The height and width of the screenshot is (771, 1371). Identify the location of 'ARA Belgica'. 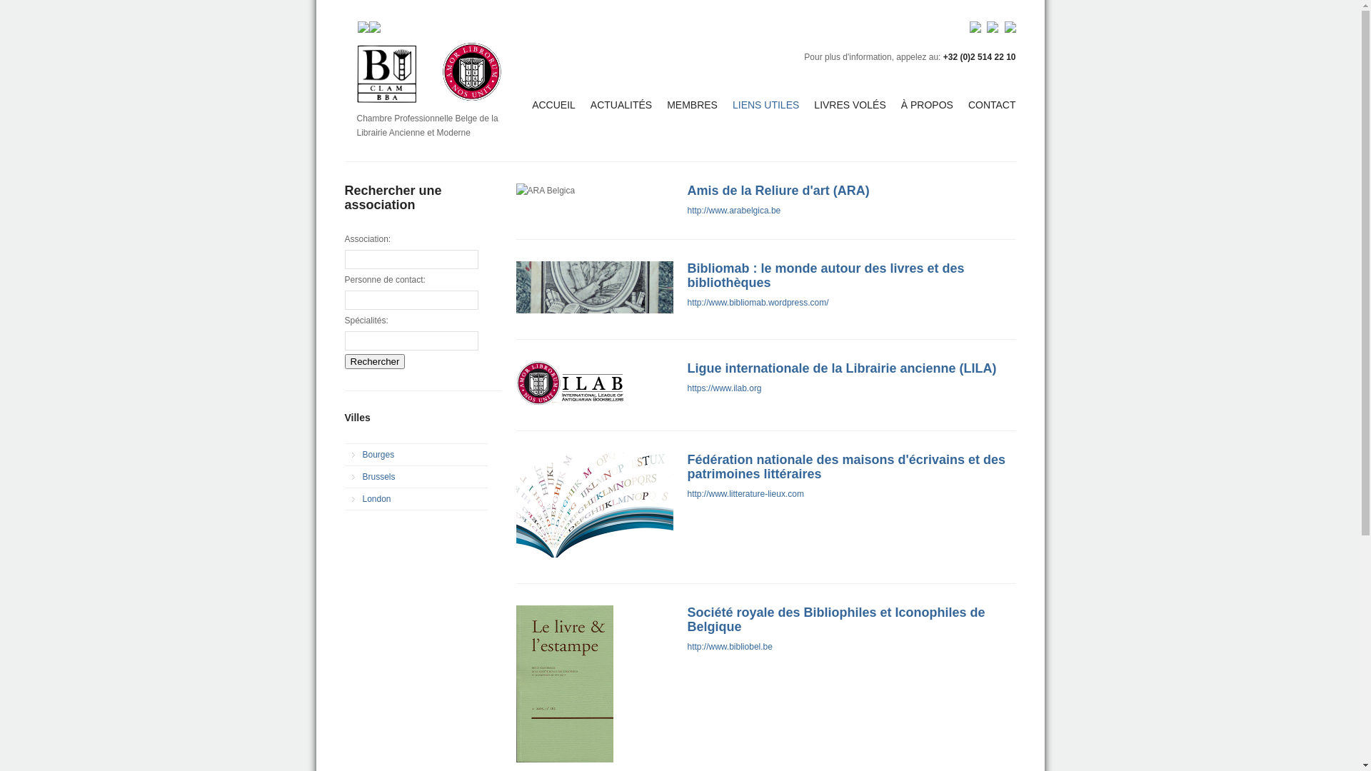
(544, 189).